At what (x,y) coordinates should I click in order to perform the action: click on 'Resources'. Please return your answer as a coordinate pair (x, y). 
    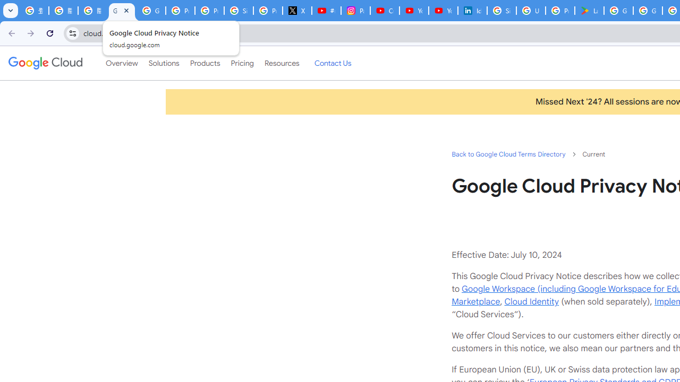
    Looking at the image, I should click on (282, 63).